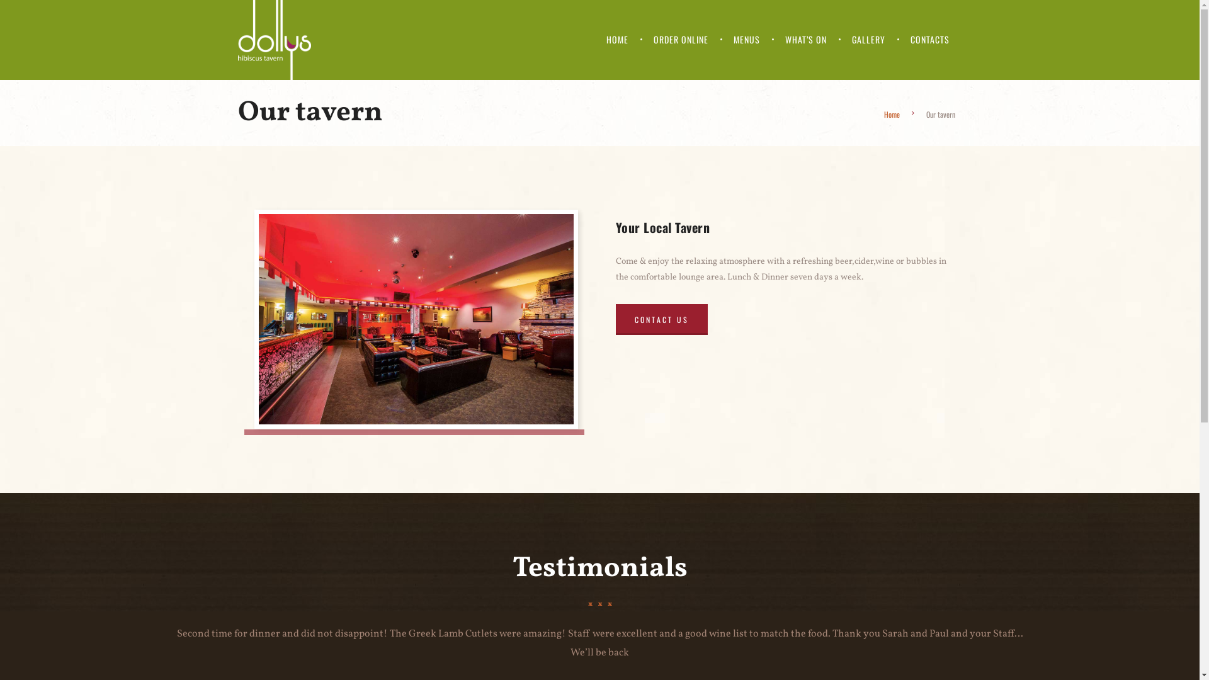 Image resolution: width=1209 pixels, height=680 pixels. I want to click on 'HOME', so click(616, 38).